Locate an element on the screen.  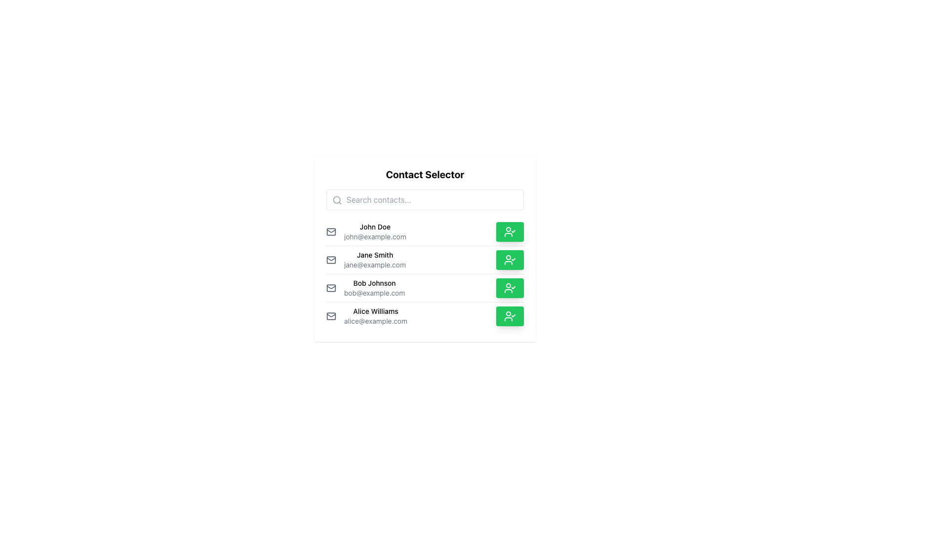
the visual representation of the mail icon shaped as an envelope, which is gray in color and located to the left of 'John Doe' and 'john@example.com' in the contact list is located at coordinates (331, 232).